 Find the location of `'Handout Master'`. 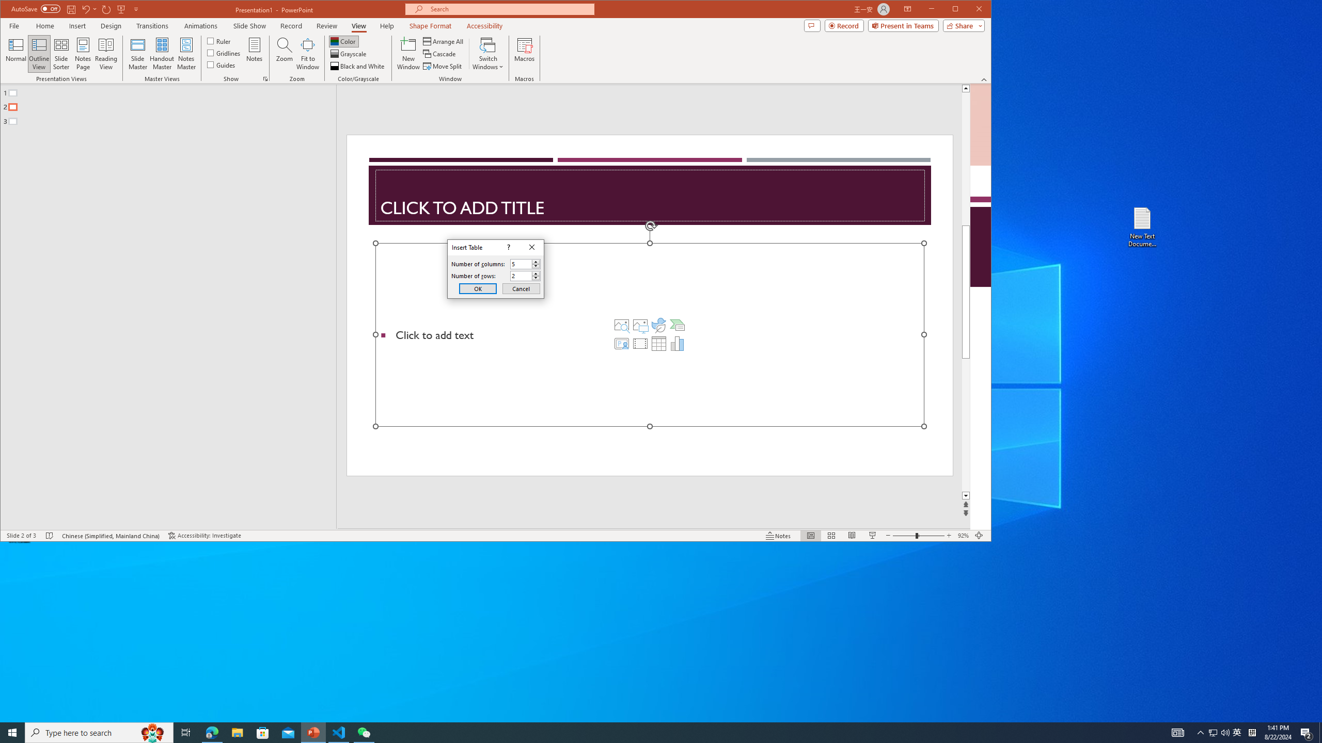

'Handout Master' is located at coordinates (162, 53).